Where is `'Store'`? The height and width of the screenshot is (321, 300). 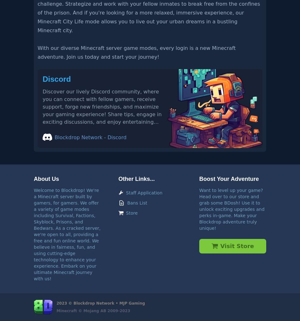 'Store' is located at coordinates (126, 212).